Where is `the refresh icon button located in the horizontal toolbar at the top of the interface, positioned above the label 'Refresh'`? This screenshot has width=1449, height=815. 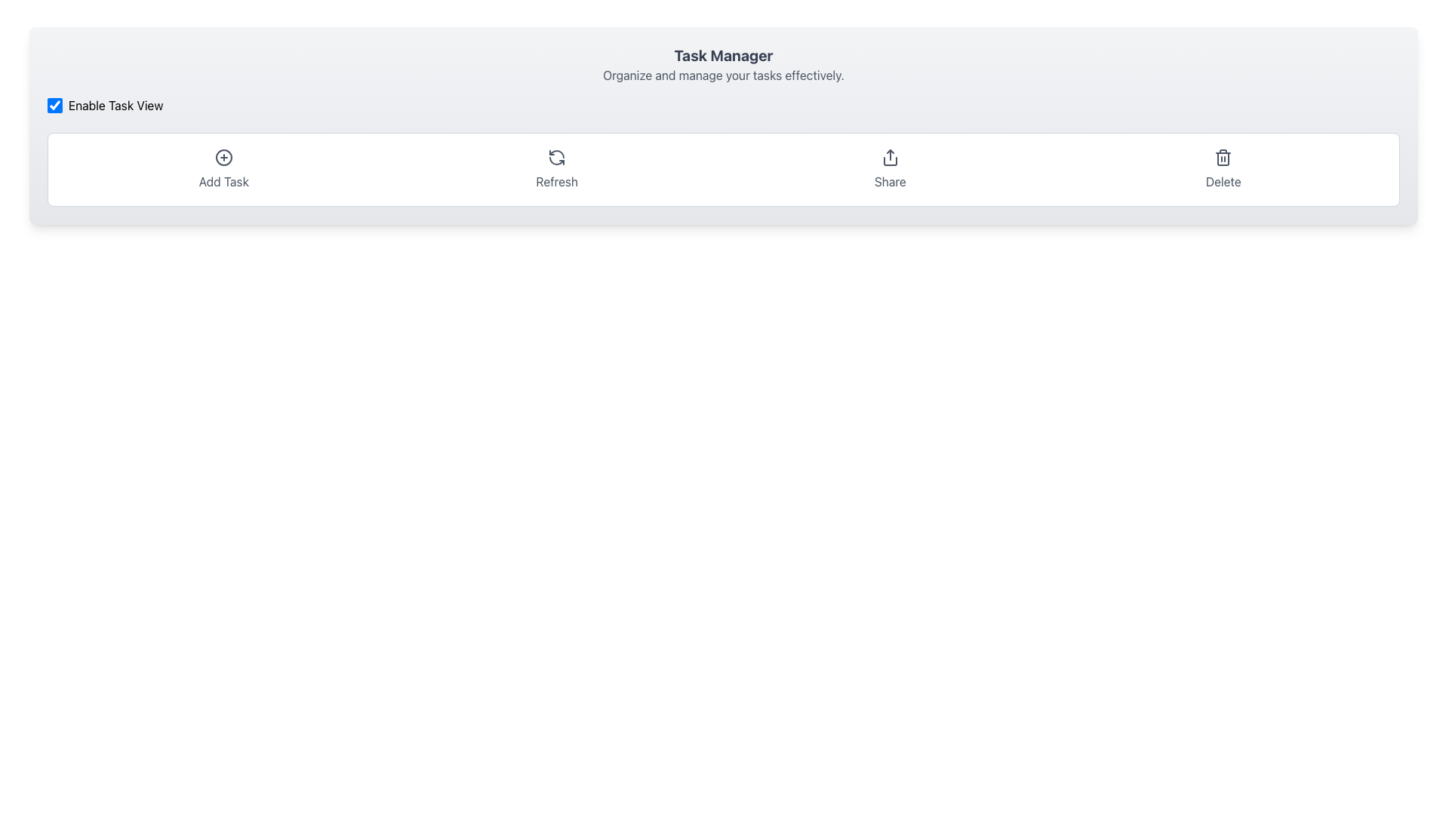
the refresh icon button located in the horizontal toolbar at the top of the interface, positioned above the label 'Refresh' is located at coordinates (556, 157).